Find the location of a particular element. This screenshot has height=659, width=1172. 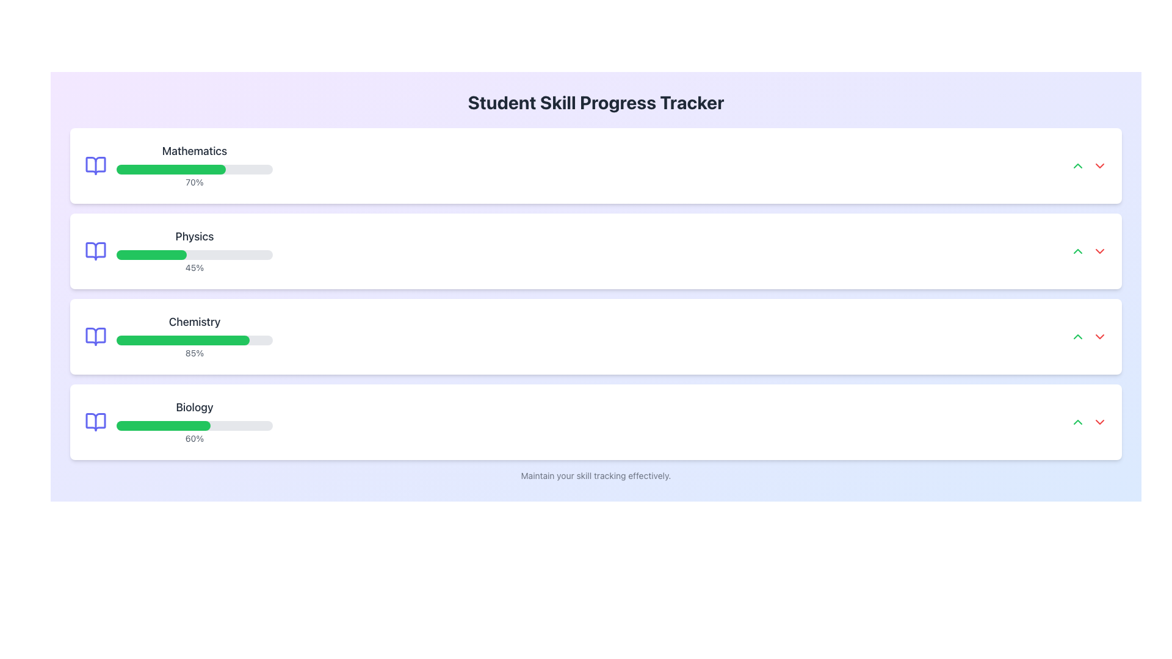

the 'Biology' Progress Indicator which features a green progress bar, a 'Biology' label above, and '60%' text below, situated in the 'Student Skill Progress Tracker' interface is located at coordinates (178, 421).